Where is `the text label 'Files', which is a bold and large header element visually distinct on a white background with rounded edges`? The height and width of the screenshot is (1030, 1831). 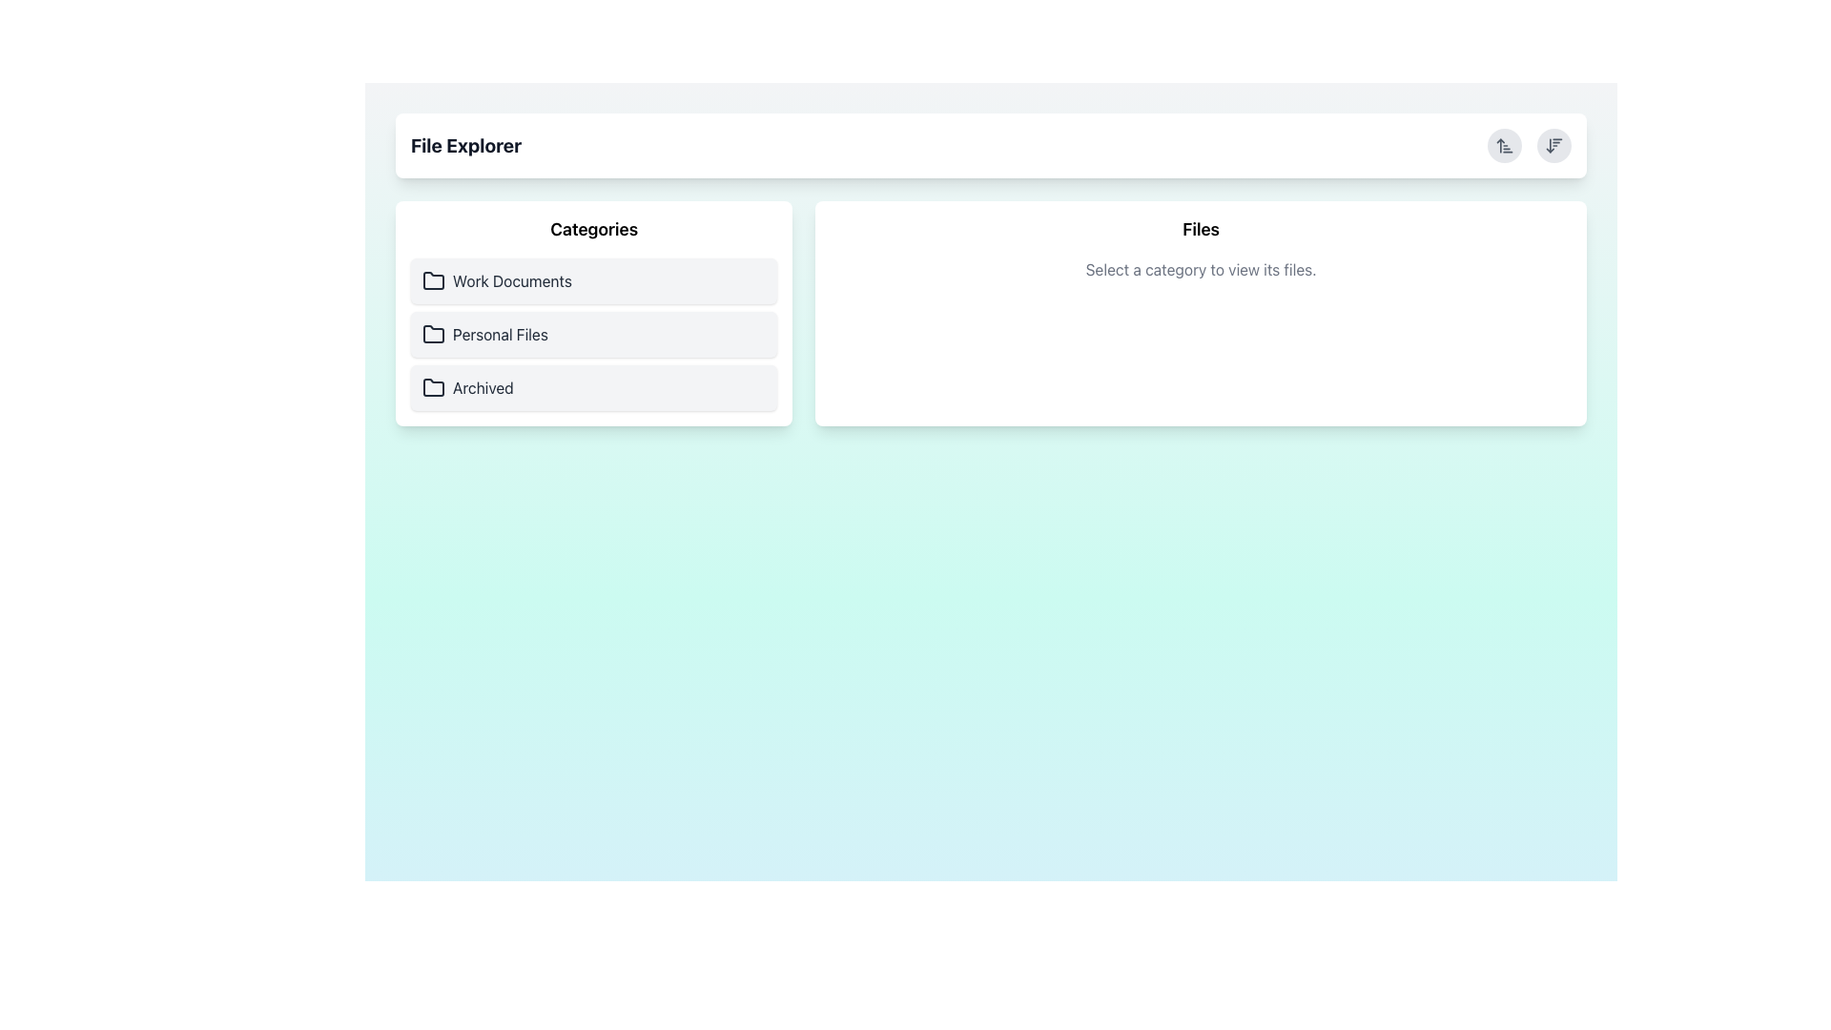 the text label 'Files', which is a bold and large header element visually distinct on a white background with rounded edges is located at coordinates (1200, 228).